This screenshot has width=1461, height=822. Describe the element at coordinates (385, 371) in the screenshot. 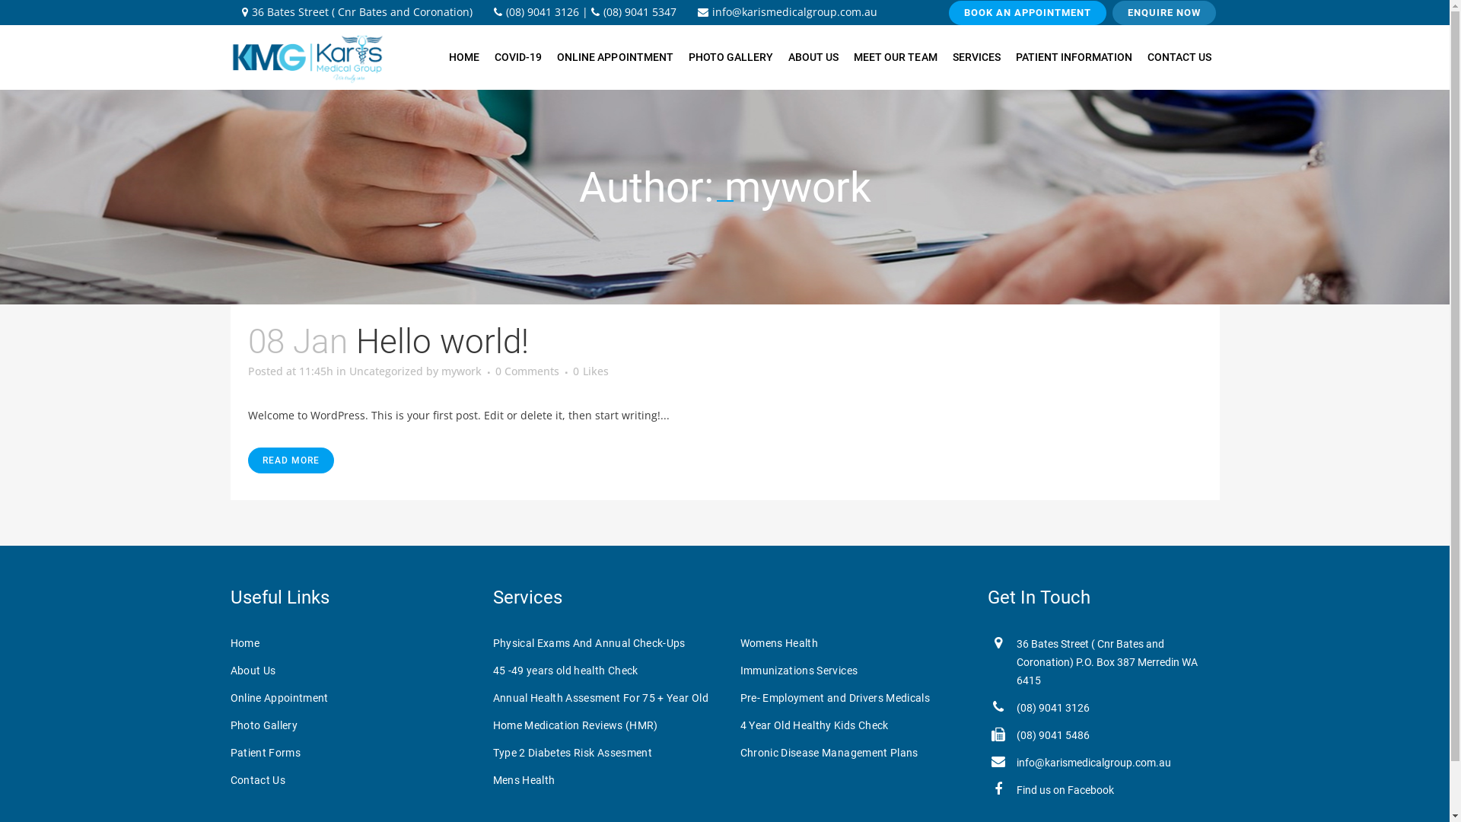

I see `'Uncategorized'` at that location.